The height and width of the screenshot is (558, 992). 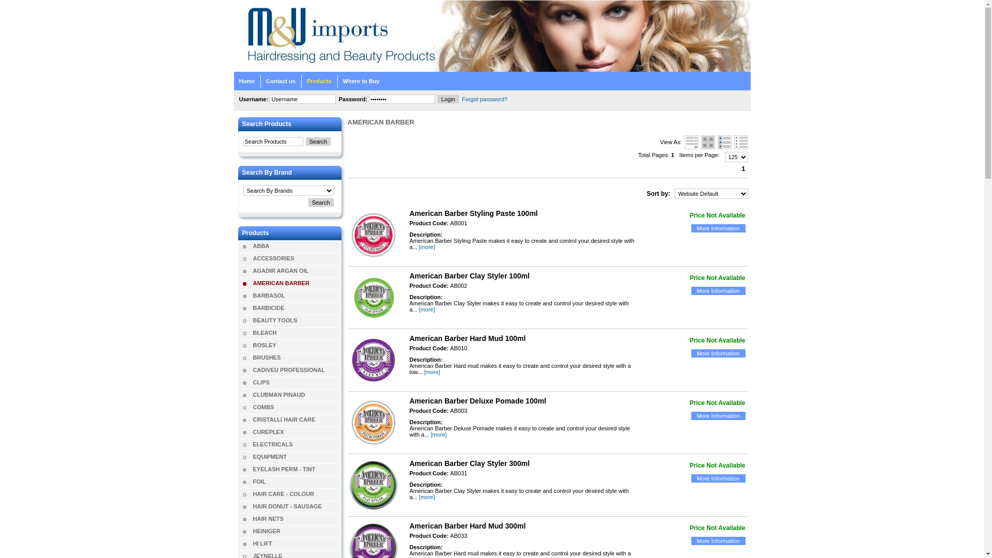 I want to click on 'CLIPS', so click(x=296, y=382).